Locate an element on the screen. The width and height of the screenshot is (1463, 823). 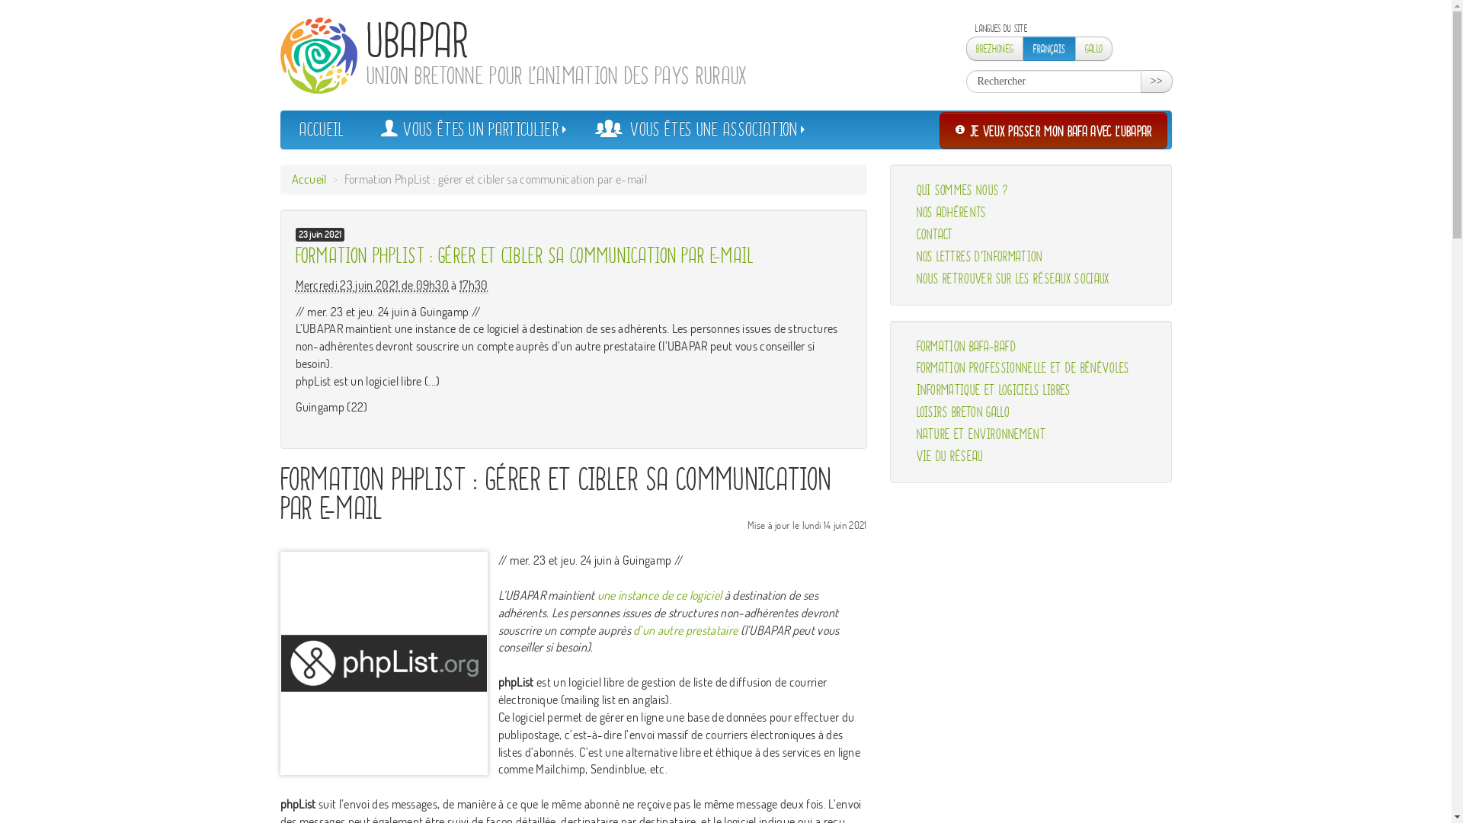
'NATURE ET ENVIRONNEMENT' is located at coordinates (1031, 434).